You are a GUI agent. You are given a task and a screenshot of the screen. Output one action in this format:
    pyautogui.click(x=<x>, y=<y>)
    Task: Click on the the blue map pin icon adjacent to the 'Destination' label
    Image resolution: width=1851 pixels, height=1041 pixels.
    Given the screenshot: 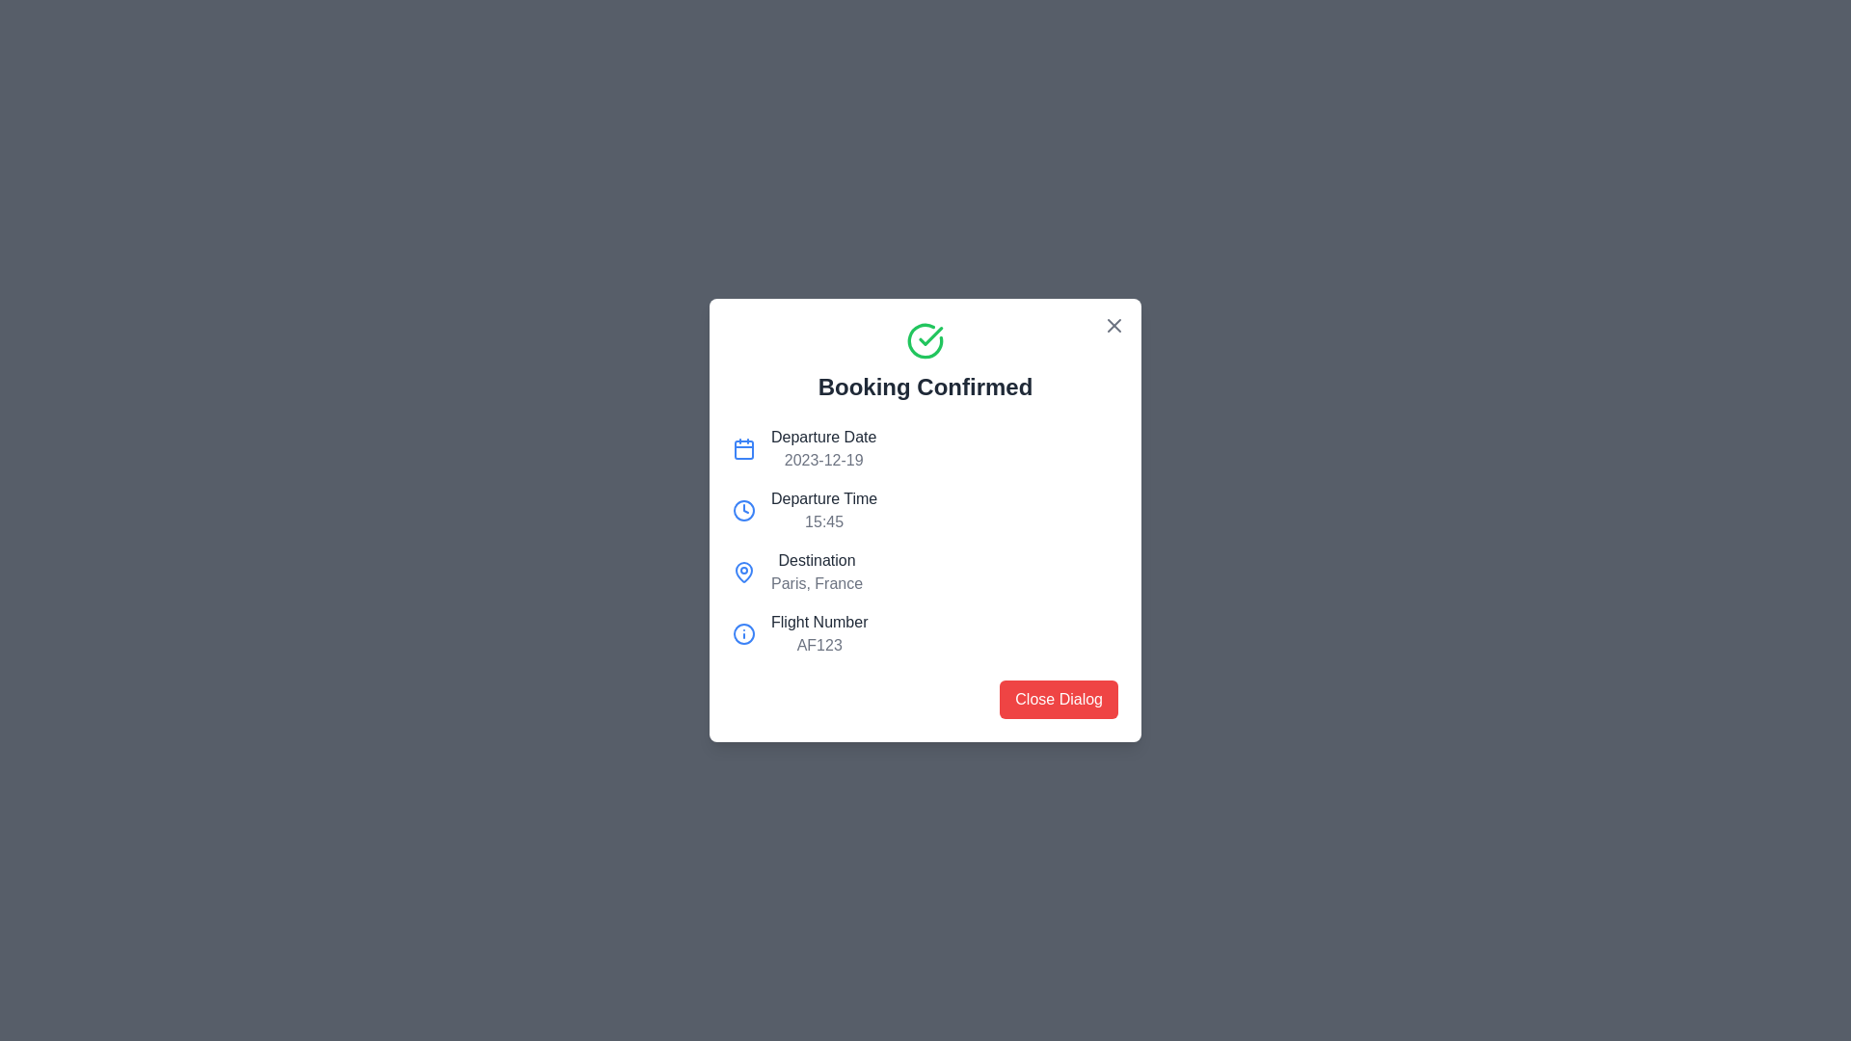 What is the action you would take?
    pyautogui.click(x=743, y=572)
    